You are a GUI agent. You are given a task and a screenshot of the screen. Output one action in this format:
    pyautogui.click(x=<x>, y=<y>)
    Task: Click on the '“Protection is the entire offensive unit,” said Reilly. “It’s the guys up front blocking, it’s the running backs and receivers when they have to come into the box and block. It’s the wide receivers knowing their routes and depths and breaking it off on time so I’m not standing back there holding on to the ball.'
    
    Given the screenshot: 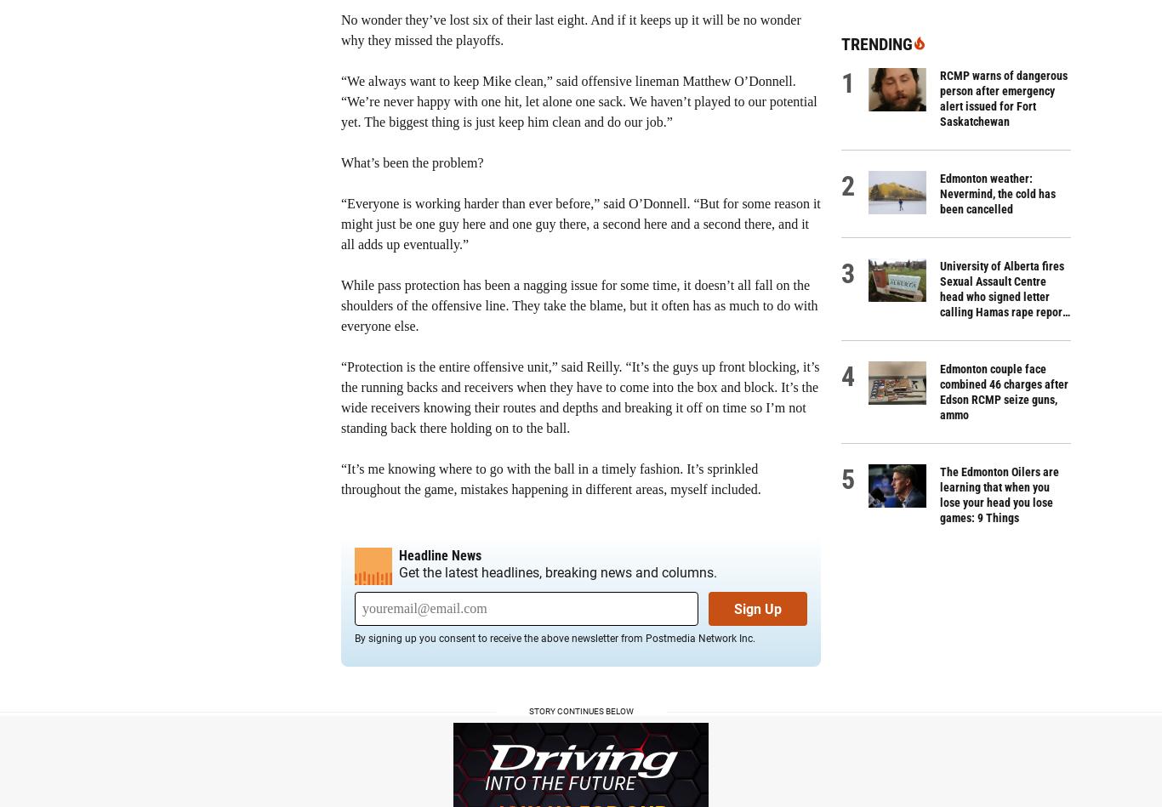 What is the action you would take?
    pyautogui.click(x=340, y=397)
    